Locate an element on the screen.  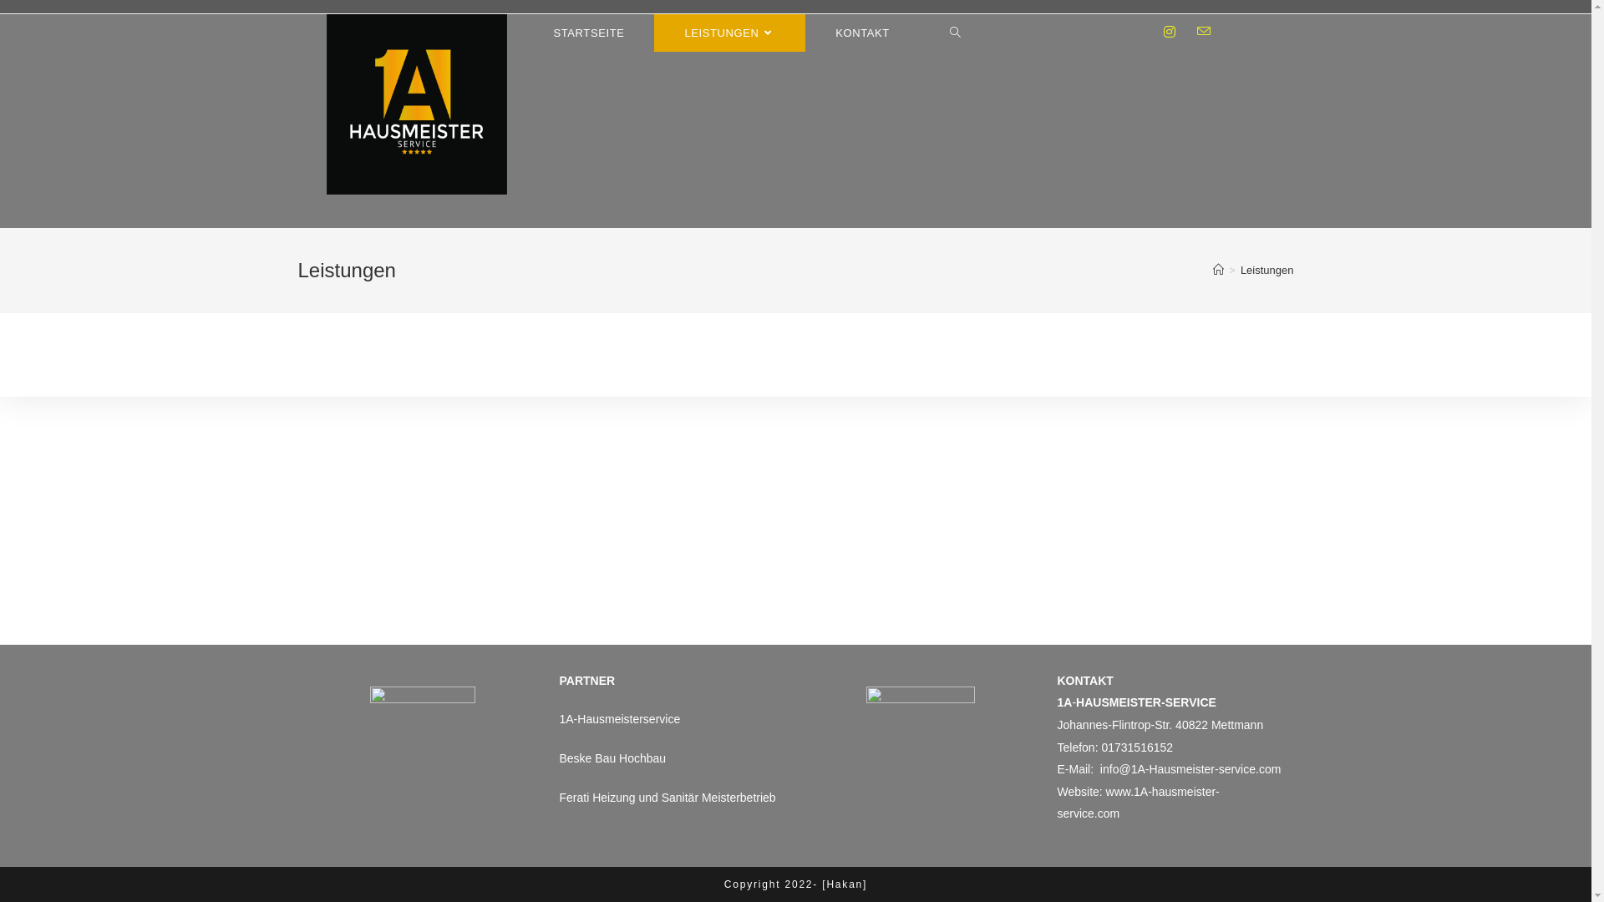
'www.1A-hausmeister-service.com' is located at coordinates (1138, 802).